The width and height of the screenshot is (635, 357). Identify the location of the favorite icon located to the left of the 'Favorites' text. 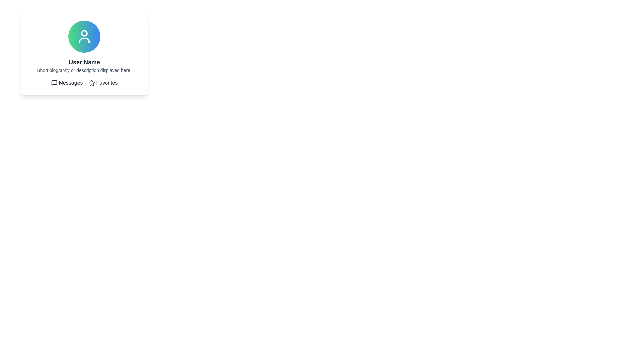
(91, 82).